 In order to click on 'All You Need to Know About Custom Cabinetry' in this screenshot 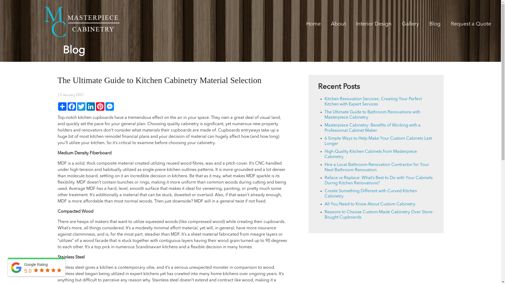, I will do `click(324, 204)`.